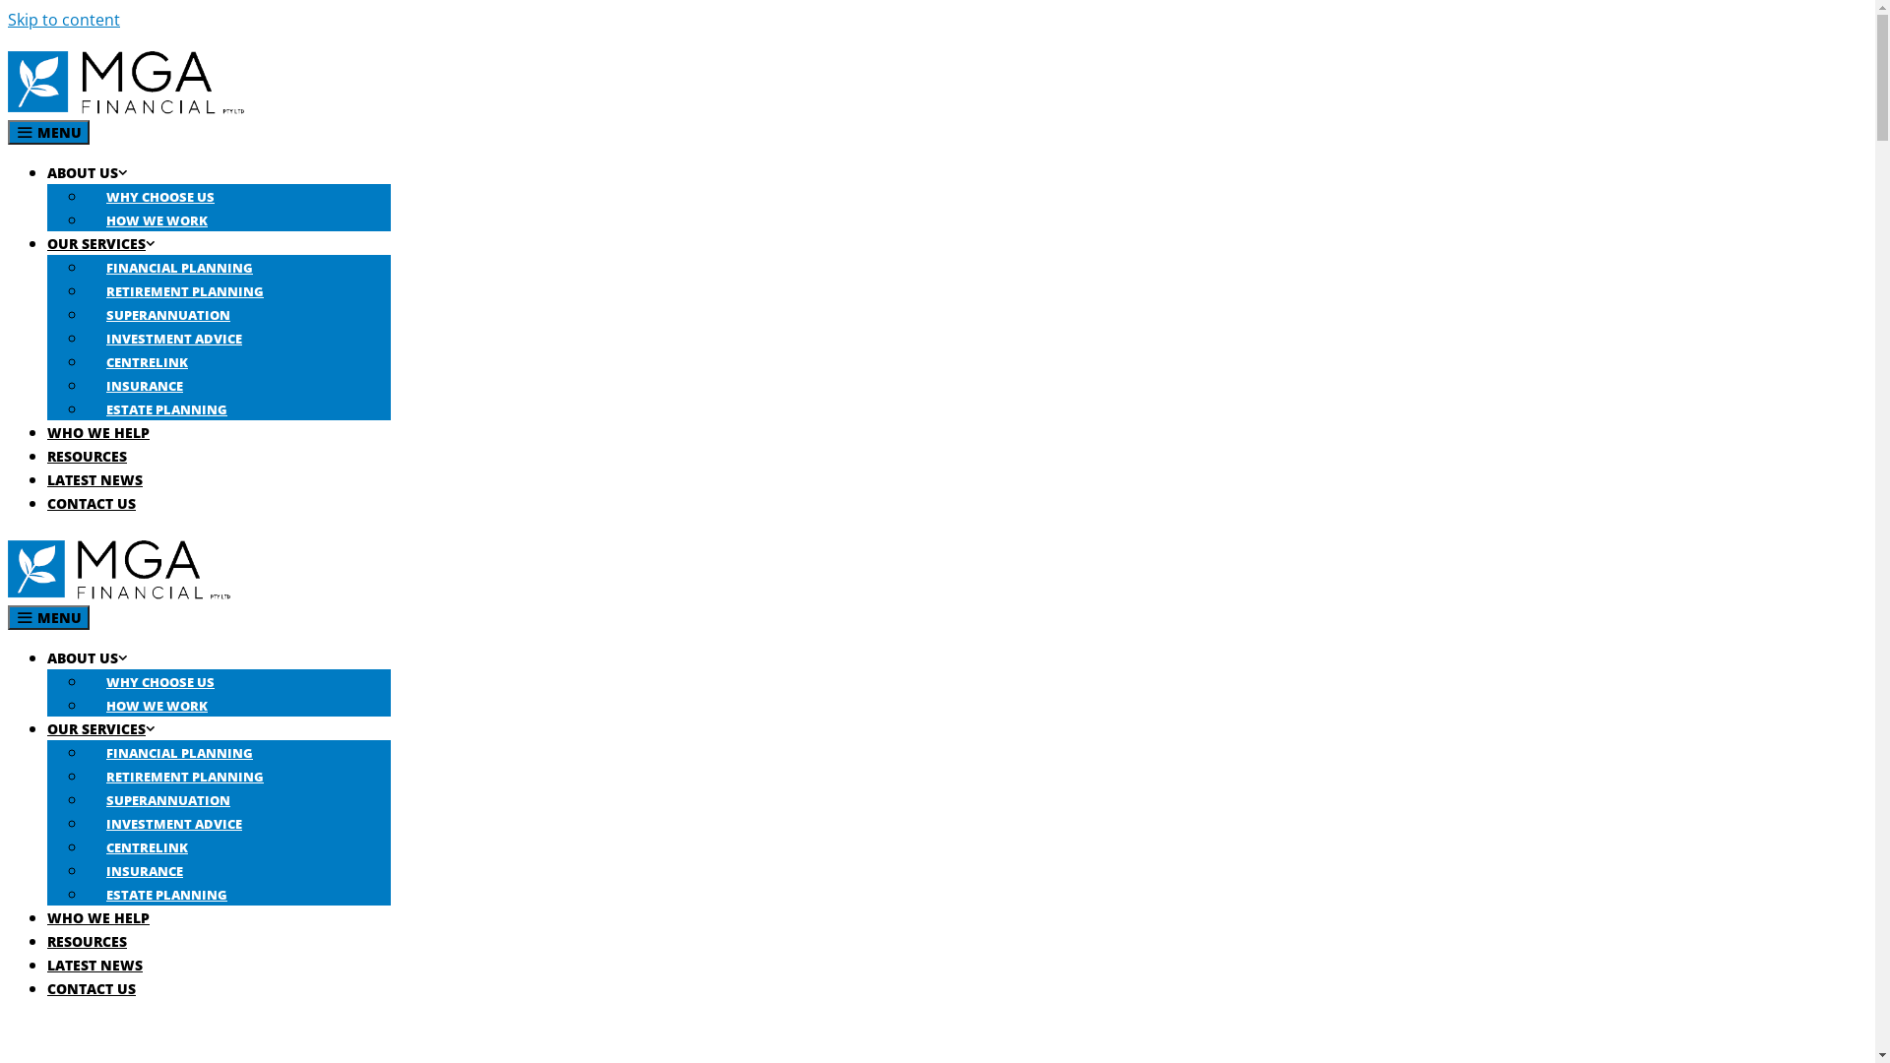 This screenshot has height=1063, width=1890. Describe the element at coordinates (179, 752) in the screenshot. I see `'FINANCIAL PLANNING'` at that location.